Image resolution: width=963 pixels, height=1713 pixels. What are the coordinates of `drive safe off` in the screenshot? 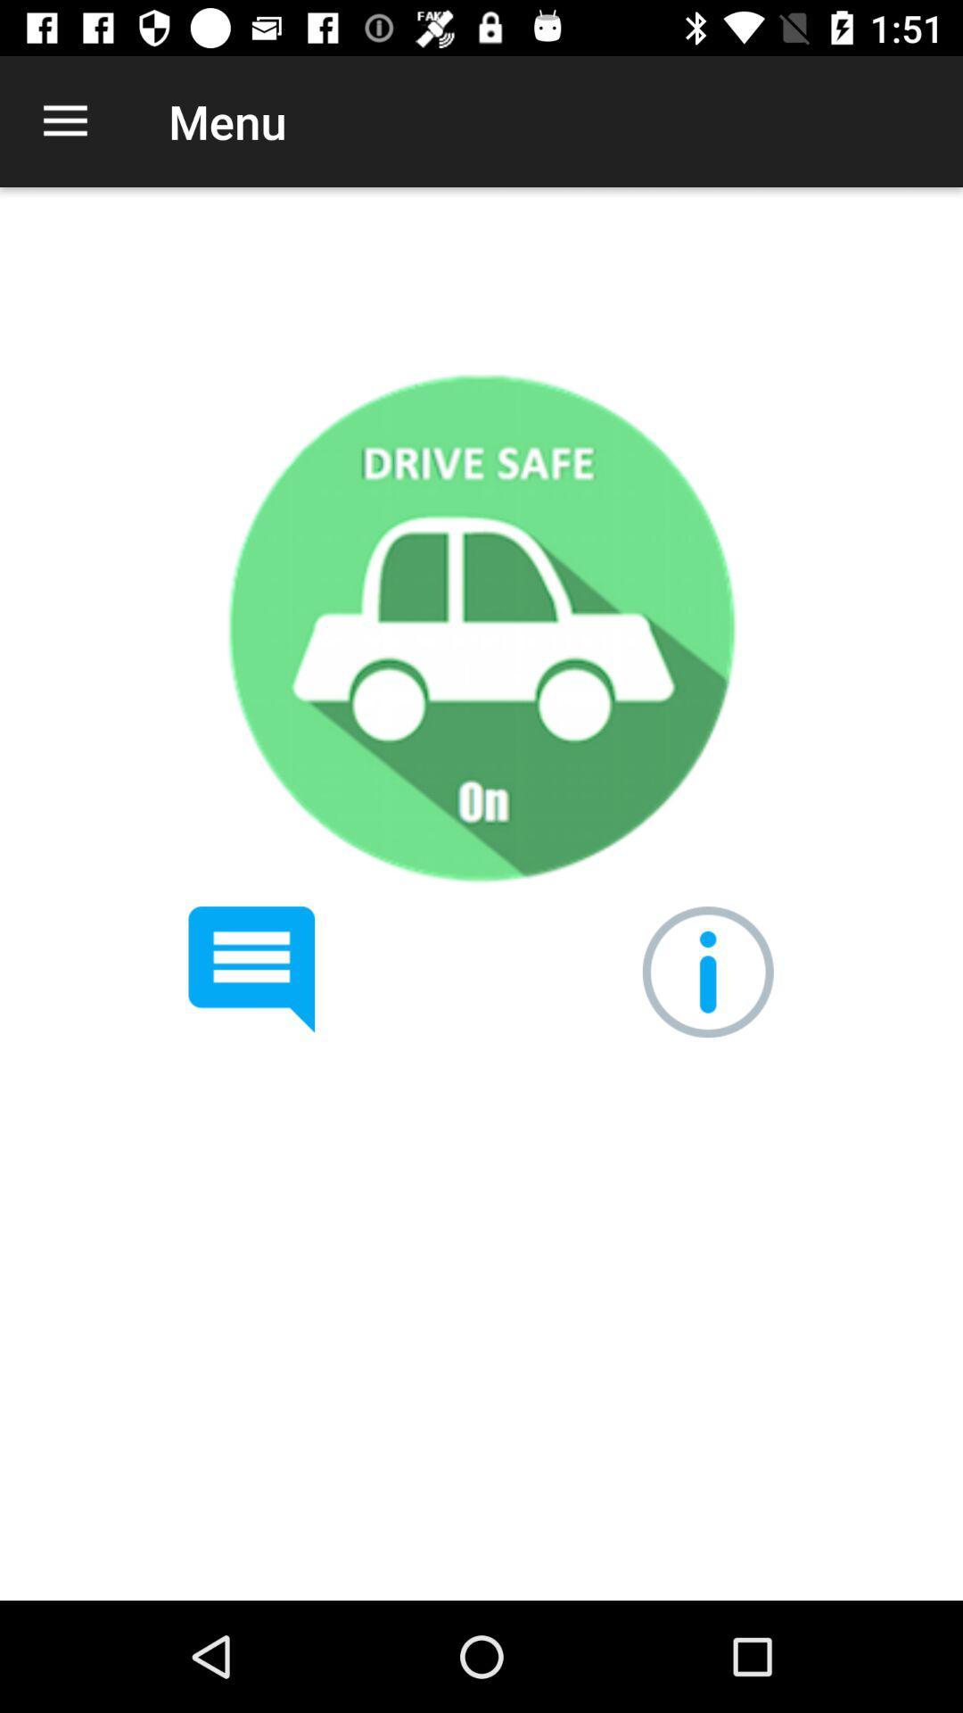 It's located at (480, 627).